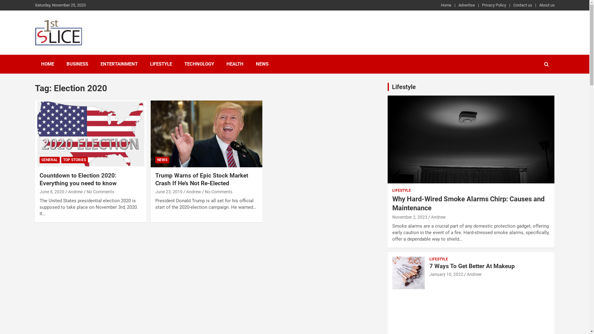  I want to click on 'NEWS', so click(262, 64).